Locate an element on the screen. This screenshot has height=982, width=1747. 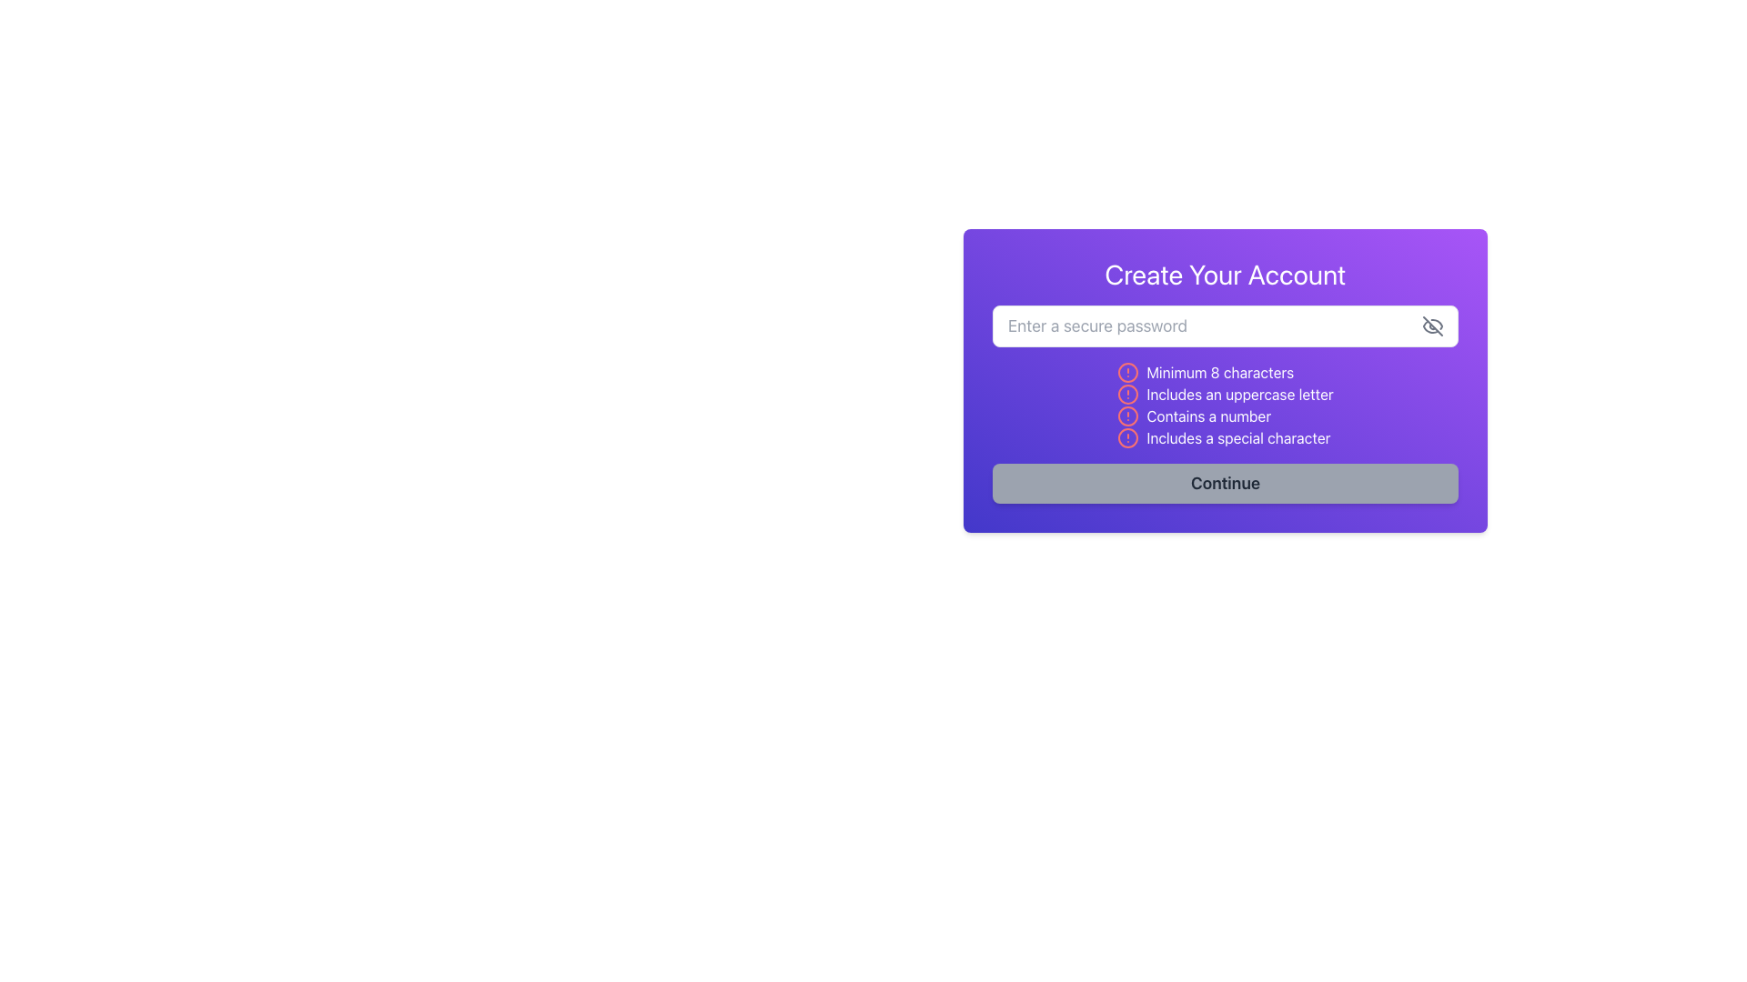
the third text label indicating the presence of a numeric character in the password requirements within the purple modal box is located at coordinates (1208, 416).